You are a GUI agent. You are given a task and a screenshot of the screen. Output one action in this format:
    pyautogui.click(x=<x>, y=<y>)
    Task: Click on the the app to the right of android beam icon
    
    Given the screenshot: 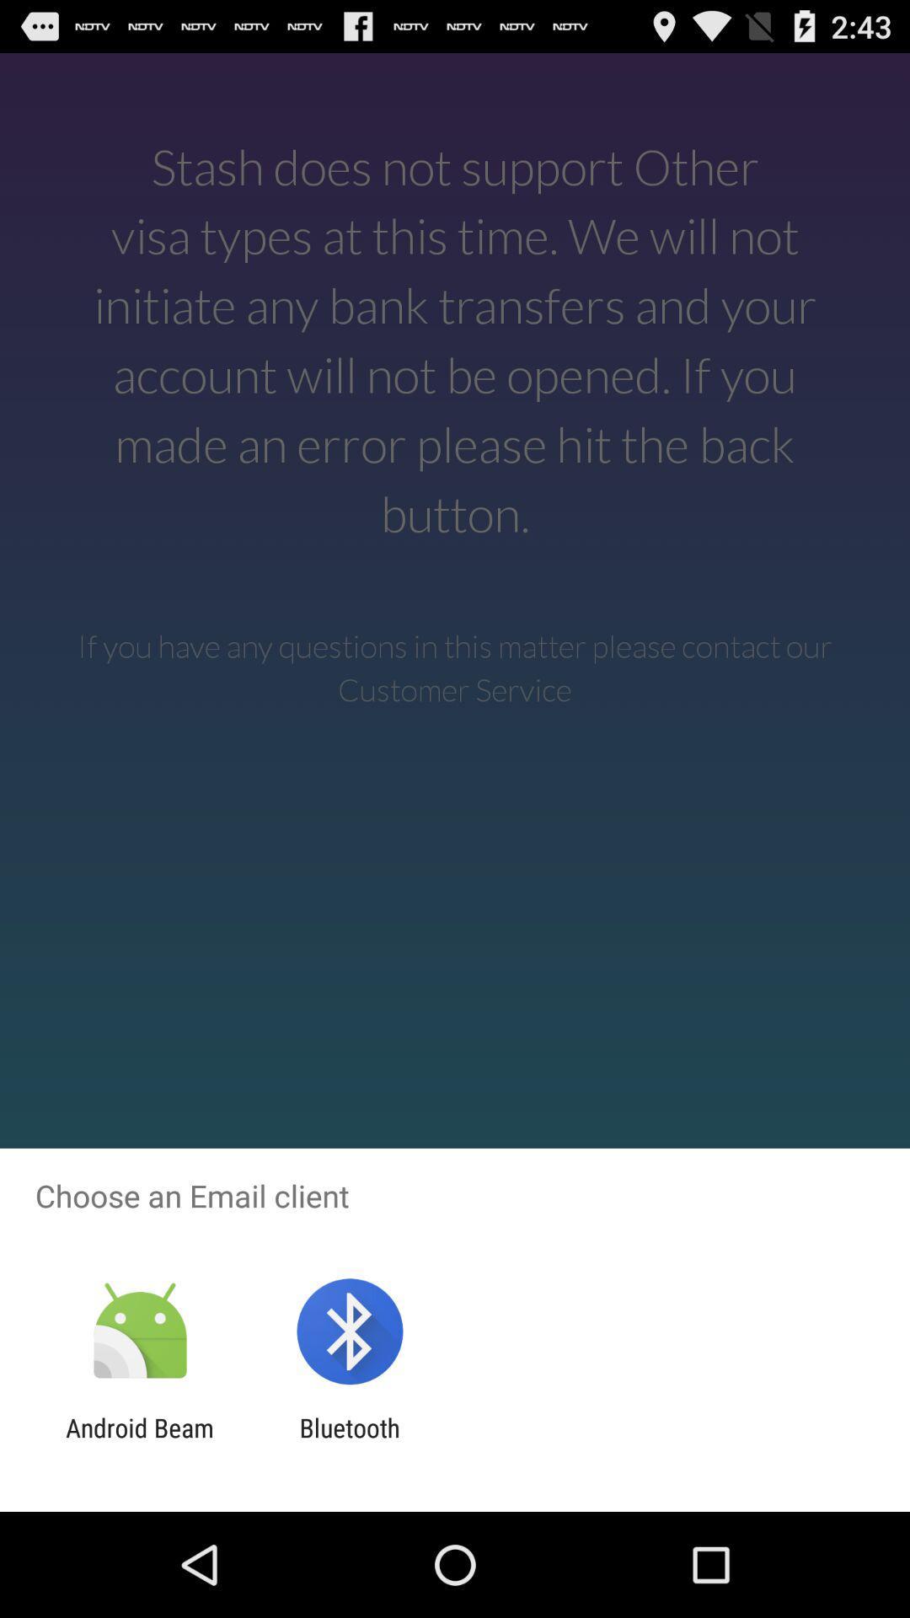 What is the action you would take?
    pyautogui.click(x=349, y=1442)
    